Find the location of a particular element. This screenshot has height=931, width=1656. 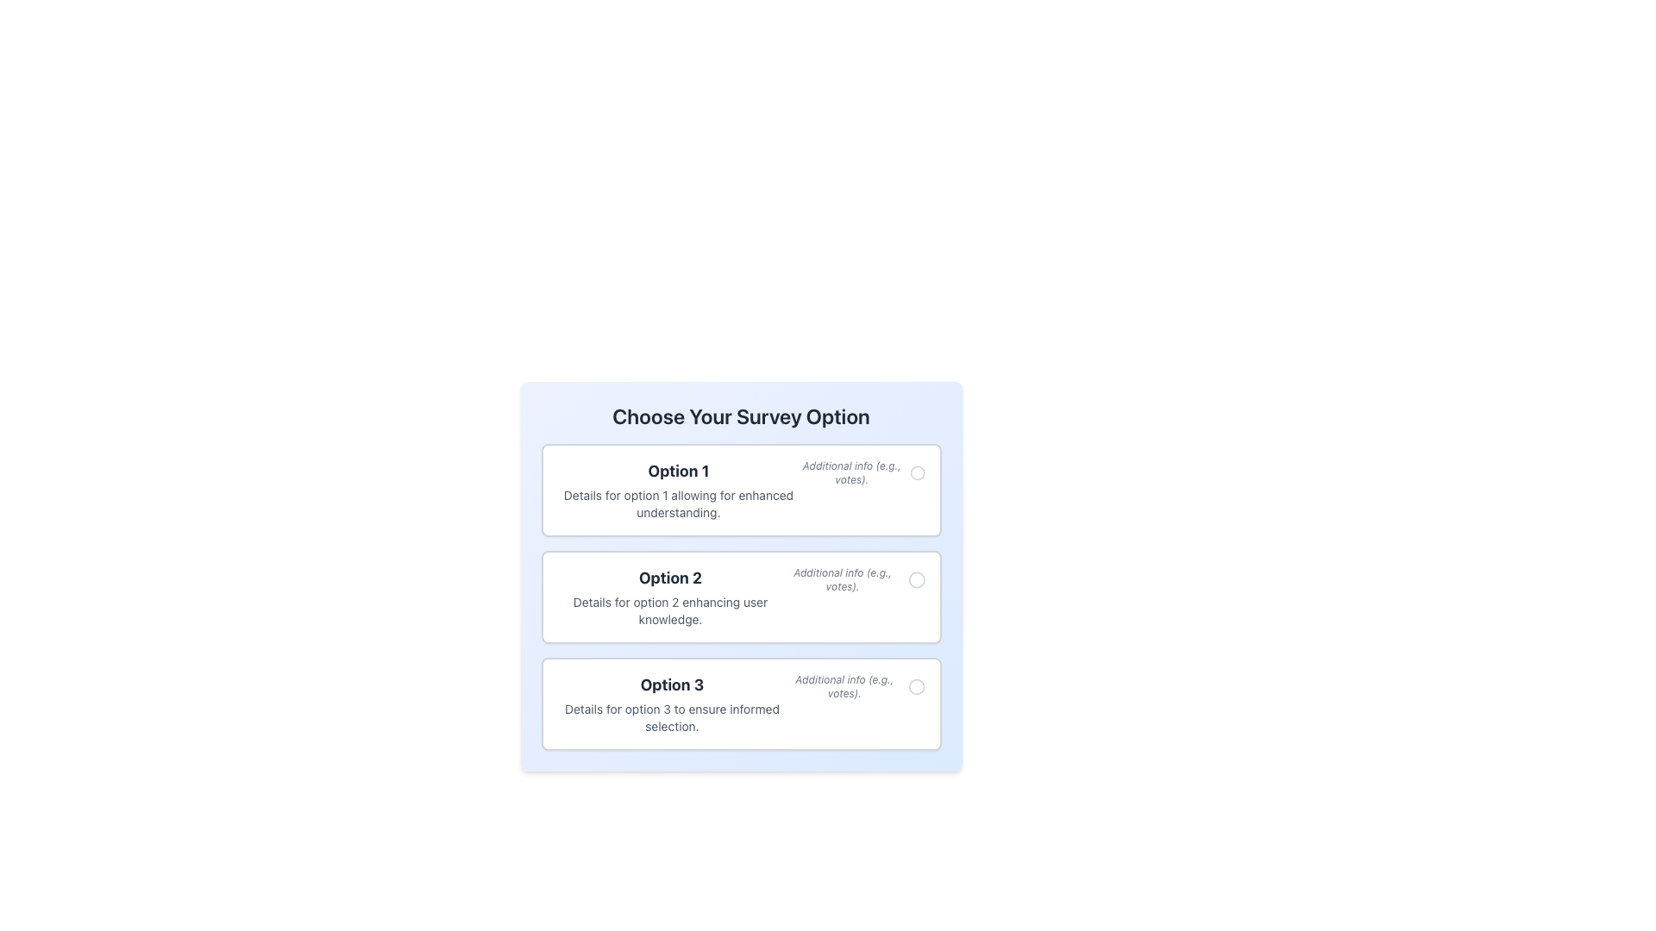

the small circular icon with a thin border next to the text 'Additional info (e.g., votes)' in the list item 'Option 2' is located at coordinates (916, 579).